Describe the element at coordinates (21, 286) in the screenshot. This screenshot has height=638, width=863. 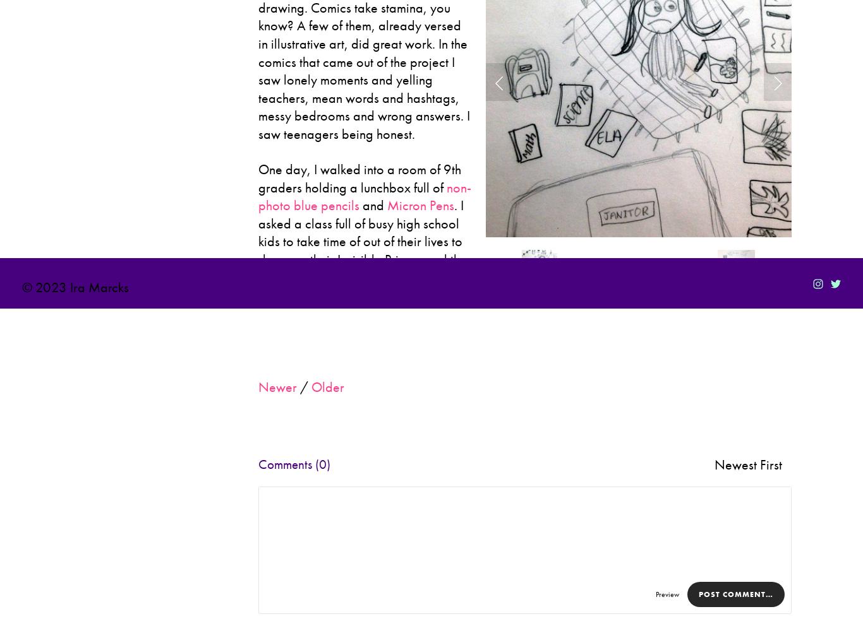
I see `'© 2023 Ira Marcks'` at that location.